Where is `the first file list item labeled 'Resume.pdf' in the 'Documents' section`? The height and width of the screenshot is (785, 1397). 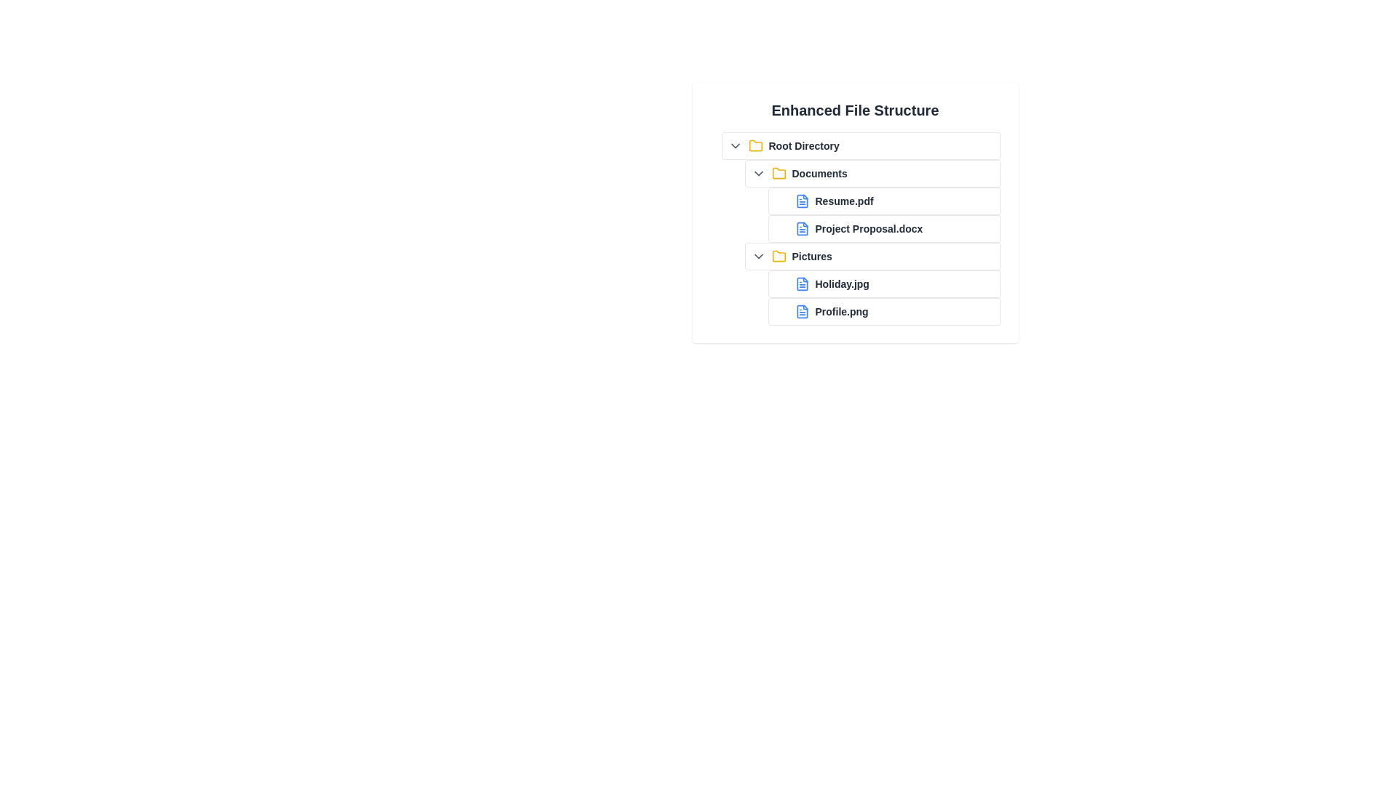
the first file list item labeled 'Resume.pdf' in the 'Documents' section is located at coordinates (883, 201).